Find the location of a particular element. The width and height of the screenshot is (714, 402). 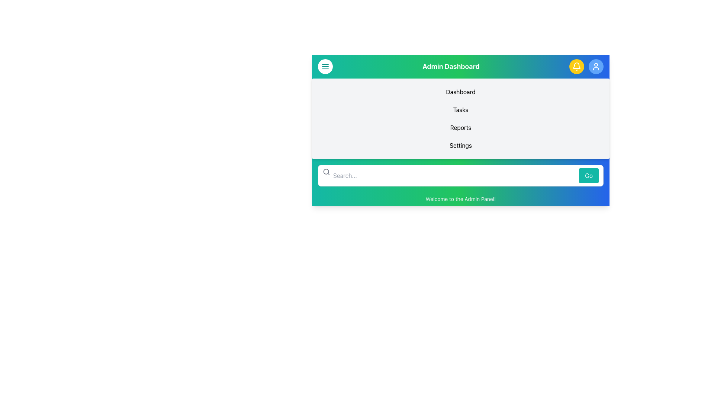

the user account SVG icon located within a clickable circular button at the top-right corner of the interface to interact via keyboard is located at coordinates (596, 66).